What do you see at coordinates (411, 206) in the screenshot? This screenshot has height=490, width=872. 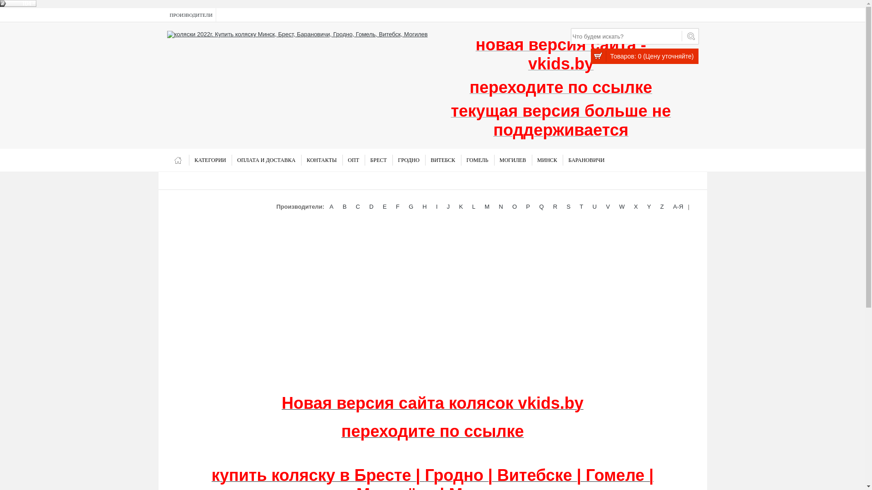 I see `'G'` at bounding box center [411, 206].